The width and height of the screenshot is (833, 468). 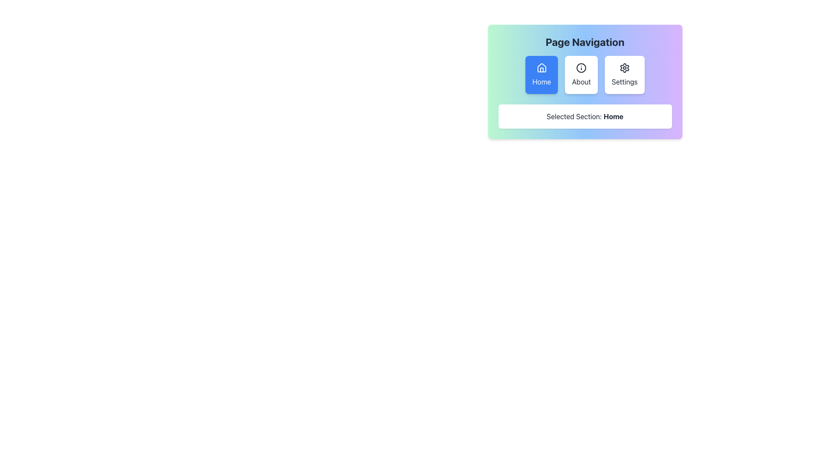 I want to click on the first navigation button that takes the user to the 'Home' section, located at the top left of the button group, so click(x=541, y=75).